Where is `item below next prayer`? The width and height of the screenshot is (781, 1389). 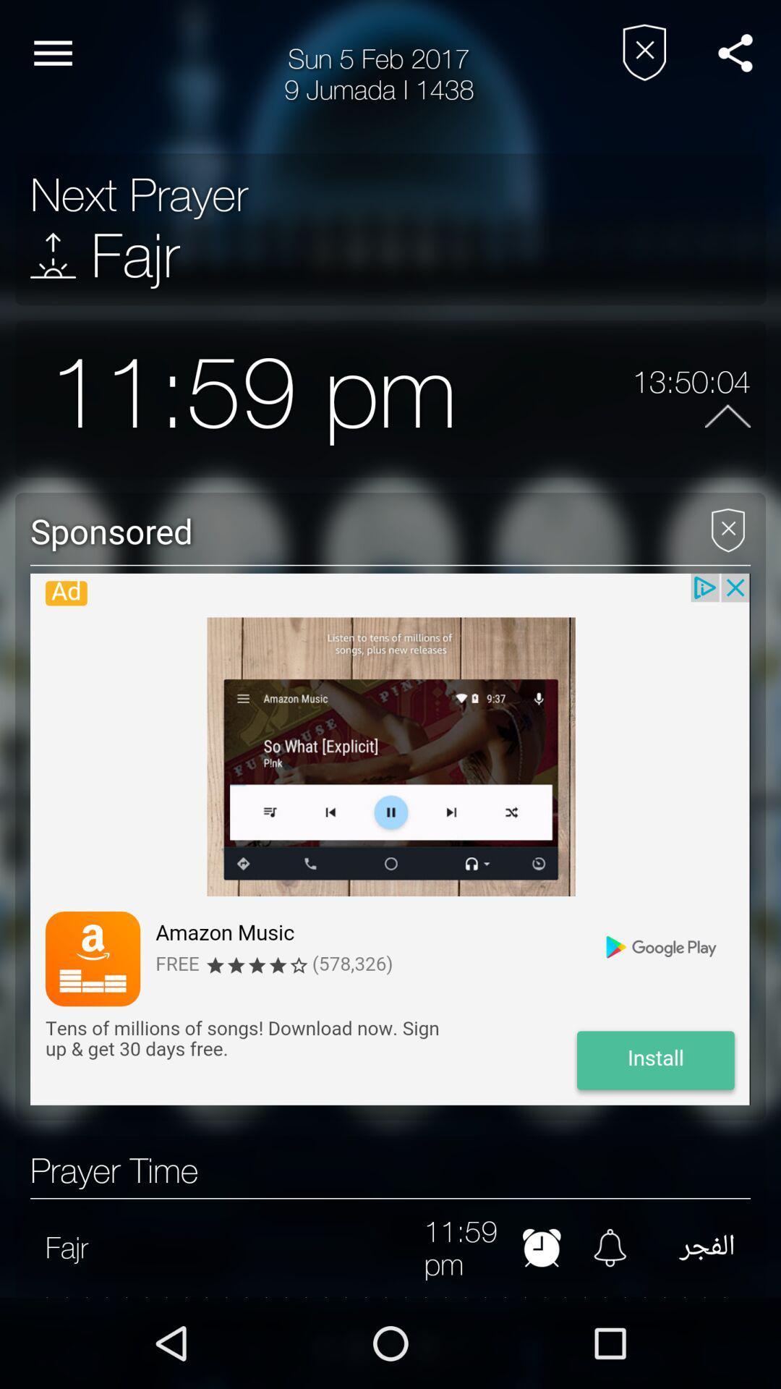 item below next prayer is located at coordinates (52, 255).